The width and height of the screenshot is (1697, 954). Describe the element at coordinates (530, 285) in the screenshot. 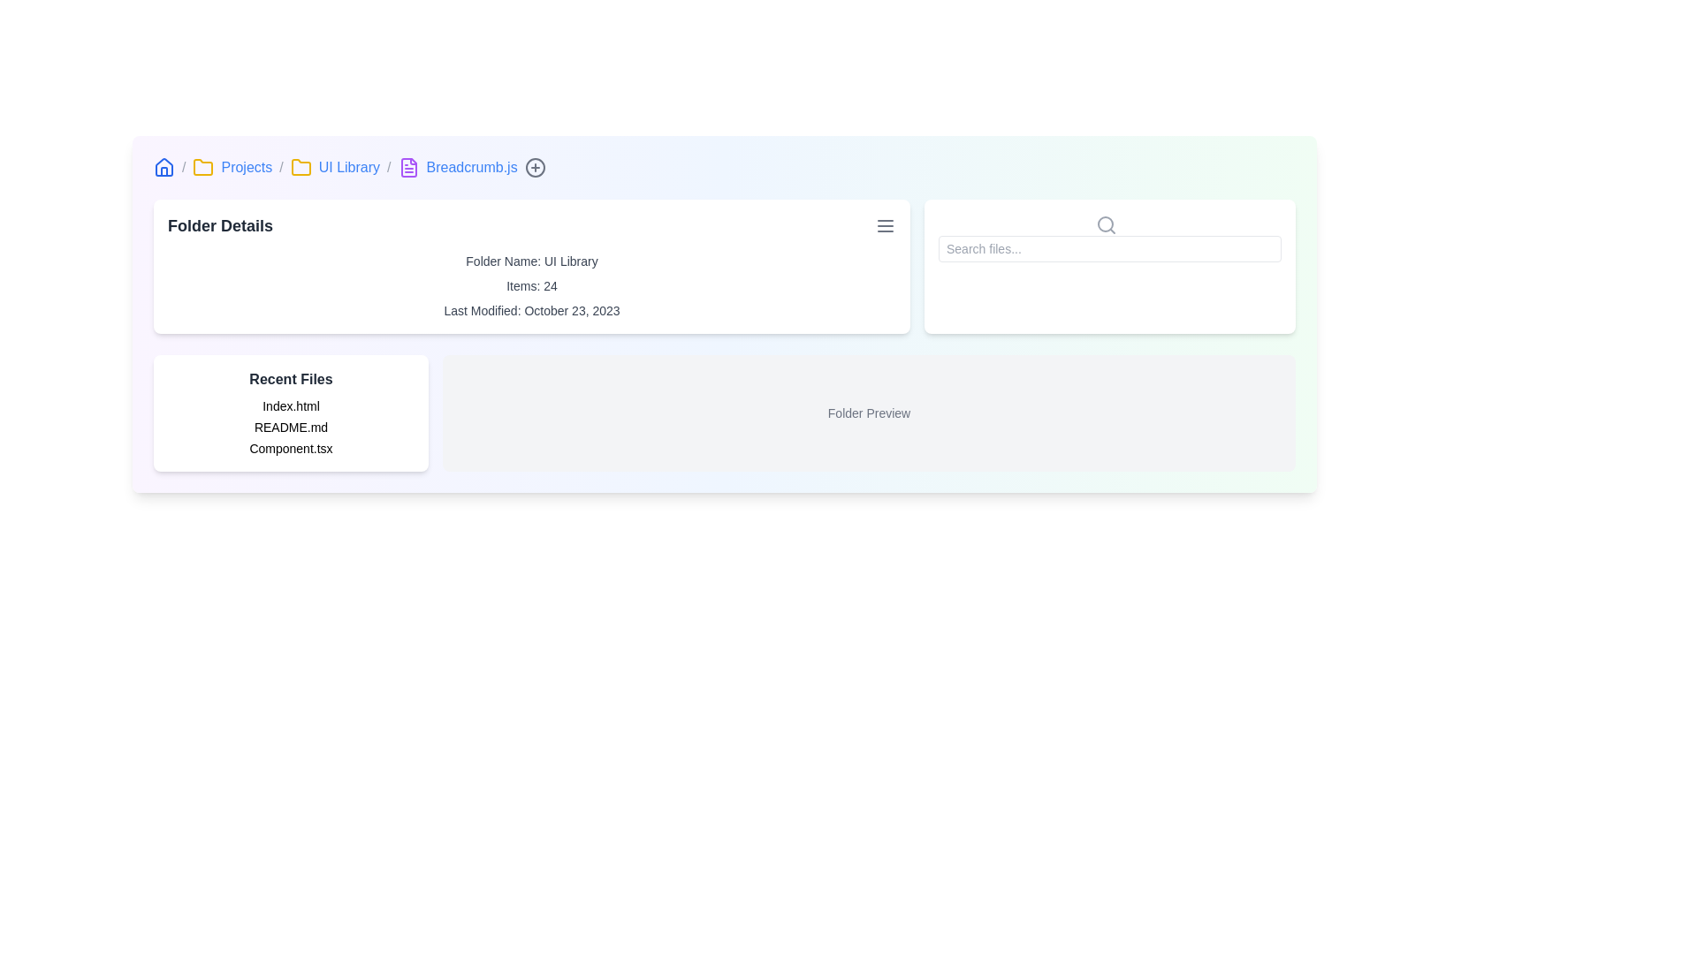

I see `the Text block that provides descriptive metadata about a folder, located within the 'Folder Details' card, positioned centrally beneath the card's title` at that location.